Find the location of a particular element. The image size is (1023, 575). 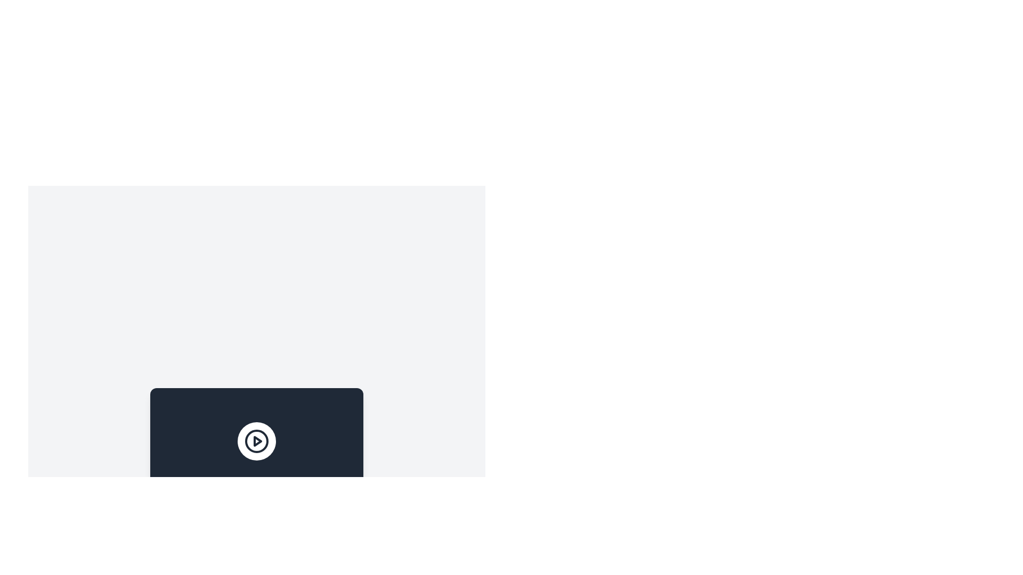

the circular play button located at the center of the dark gray rectangular banner to initiate playback is located at coordinates (256, 441).